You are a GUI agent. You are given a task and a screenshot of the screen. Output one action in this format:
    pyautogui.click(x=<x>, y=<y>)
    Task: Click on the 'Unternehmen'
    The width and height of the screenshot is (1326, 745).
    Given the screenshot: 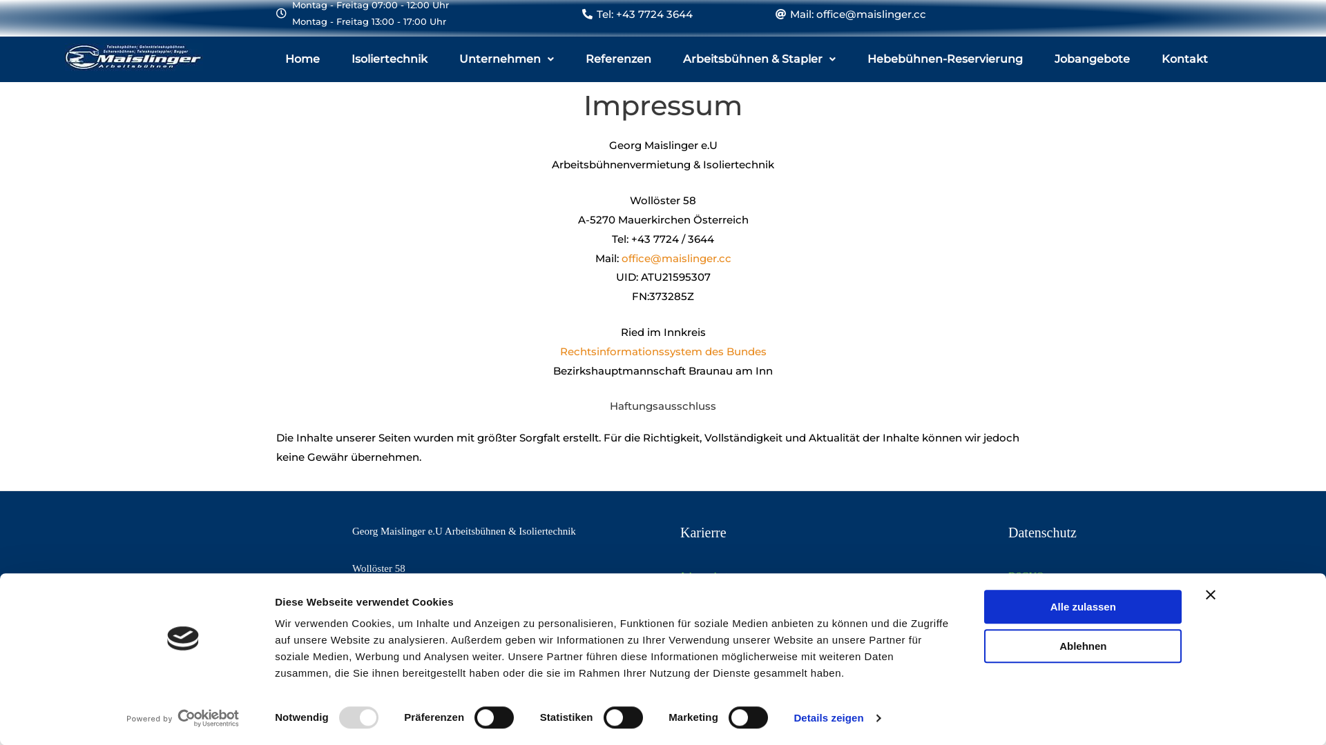 What is the action you would take?
    pyautogui.click(x=506, y=58)
    